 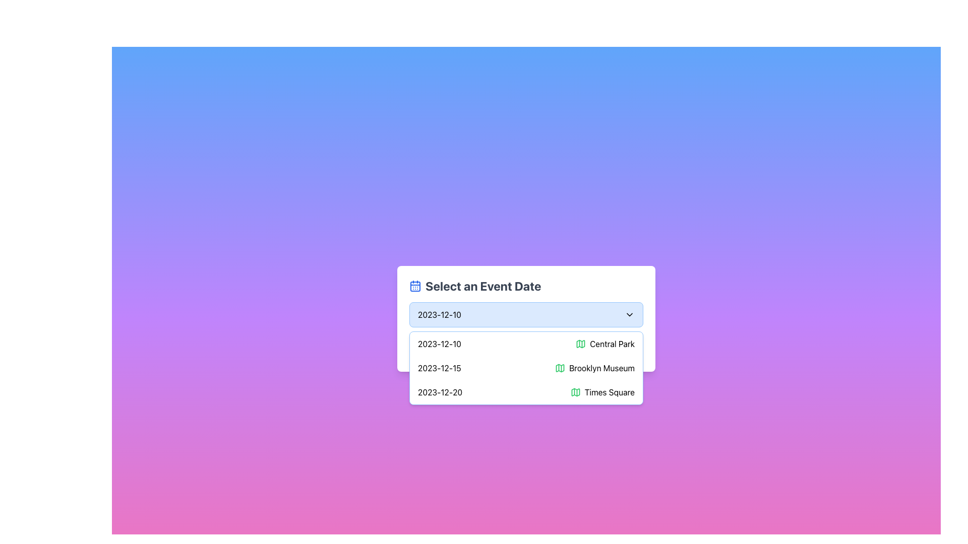 What do you see at coordinates (595, 368) in the screenshot?
I see `the informative text and icon representing an event venue for the date '2023-12-15' in the dropdown list` at bounding box center [595, 368].